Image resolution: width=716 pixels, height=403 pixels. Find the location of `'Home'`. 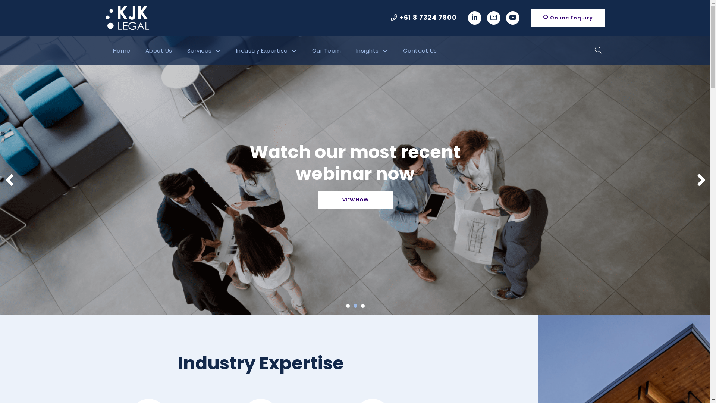

'Home' is located at coordinates (121, 50).